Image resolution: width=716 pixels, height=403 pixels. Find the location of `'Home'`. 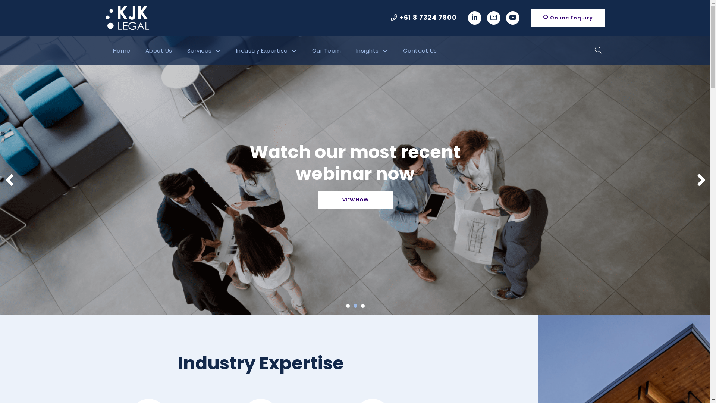

'Home' is located at coordinates (121, 50).